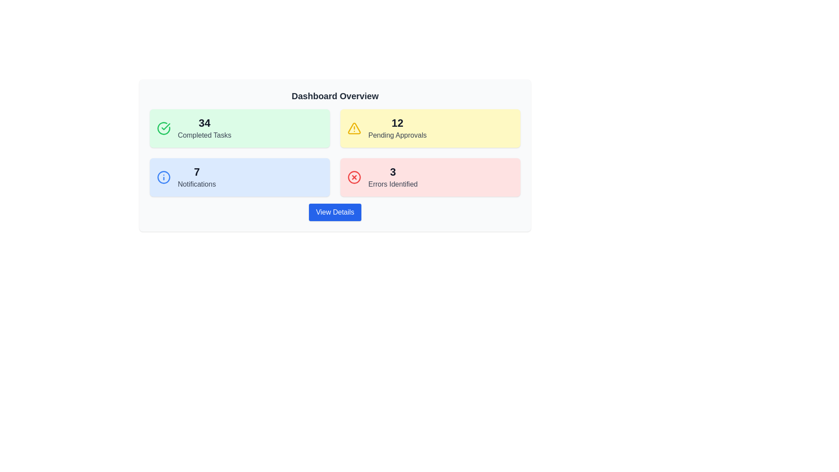 The image size is (839, 472). What do you see at coordinates (163, 177) in the screenshot?
I see `the circular blue outlined icon with an 'i' in the center, located within the blue notification card in the bottom-left quadrant of the dashboard interface` at bounding box center [163, 177].